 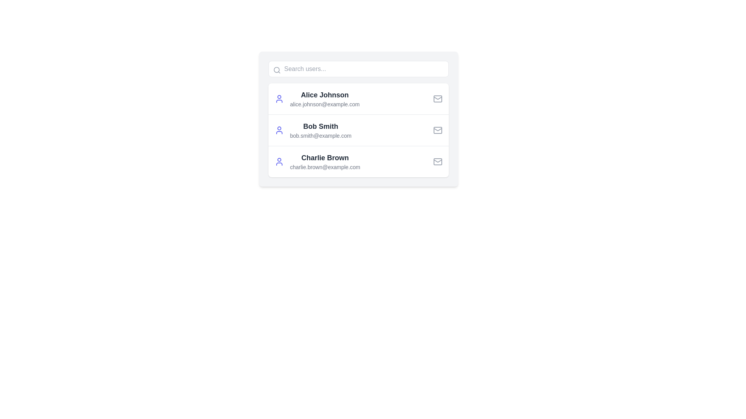 What do you see at coordinates (325, 98) in the screenshot?
I see `the text block displaying user information` at bounding box center [325, 98].